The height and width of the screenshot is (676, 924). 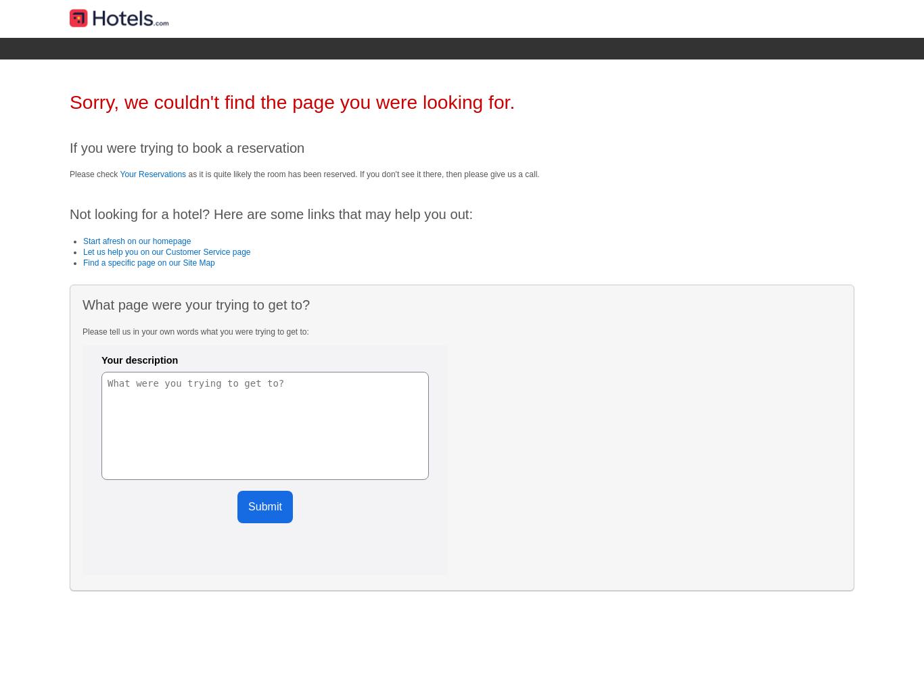 What do you see at coordinates (166, 251) in the screenshot?
I see `'Let us help you on our Customer Service page'` at bounding box center [166, 251].